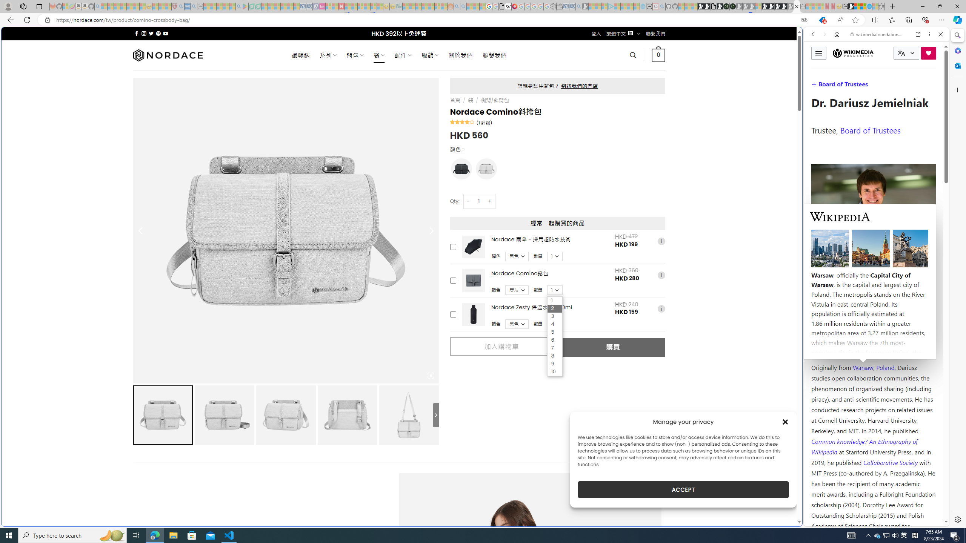 The width and height of the screenshot is (966, 543). I want to click on '+', so click(490, 201).